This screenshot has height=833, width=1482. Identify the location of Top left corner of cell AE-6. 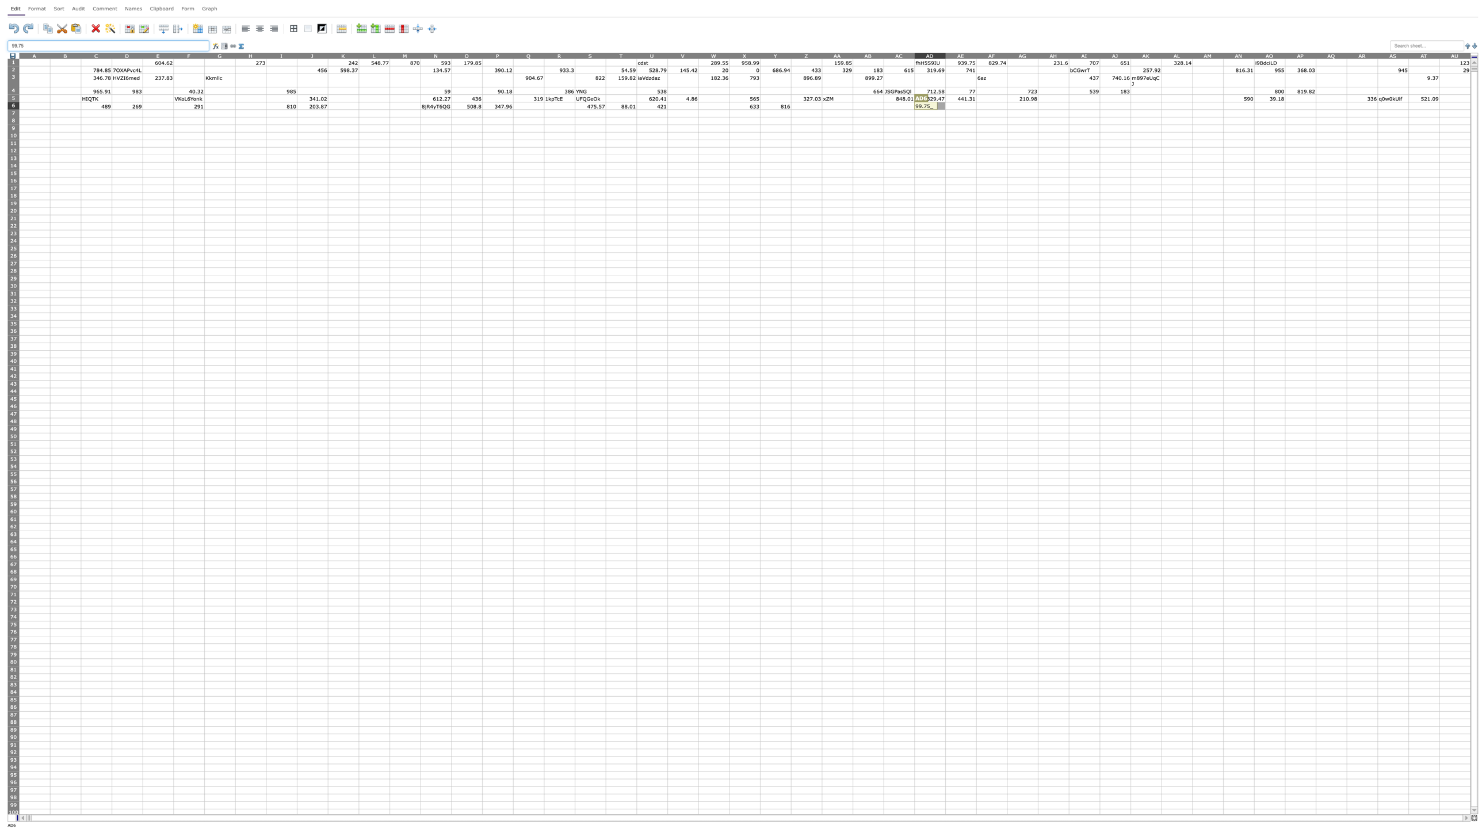
(945, 102).